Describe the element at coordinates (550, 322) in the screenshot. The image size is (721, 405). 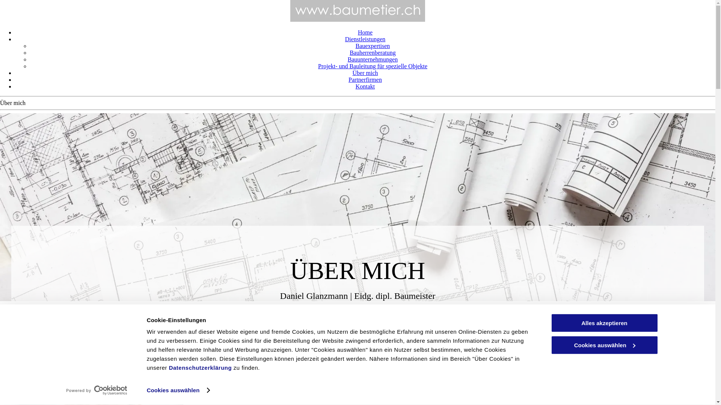
I see `'Alles akzeptieren'` at that location.